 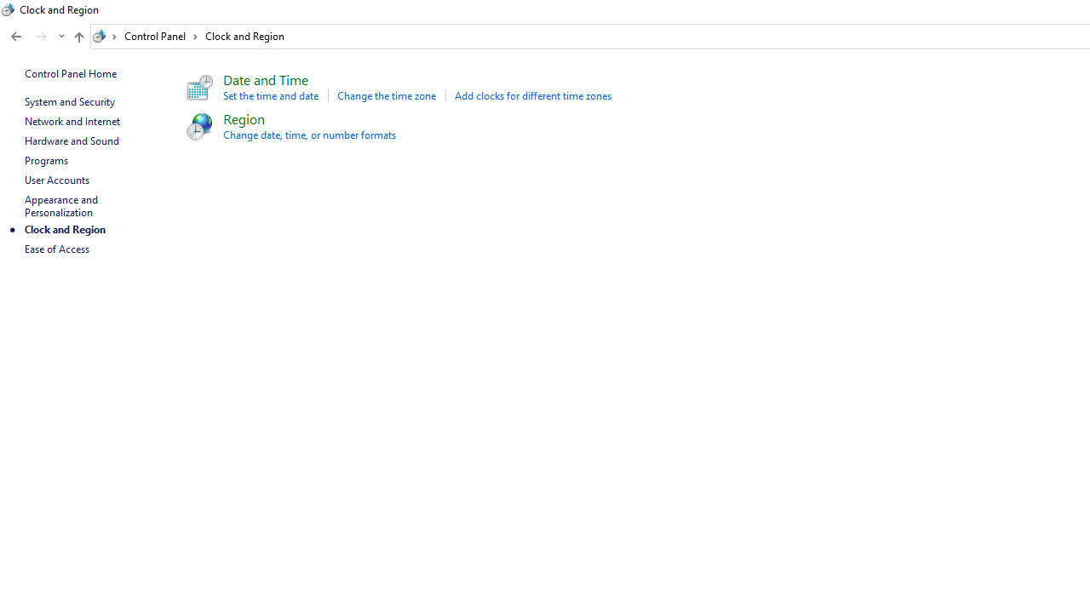 What do you see at coordinates (57, 180) in the screenshot?
I see `'User Accounts'` at bounding box center [57, 180].